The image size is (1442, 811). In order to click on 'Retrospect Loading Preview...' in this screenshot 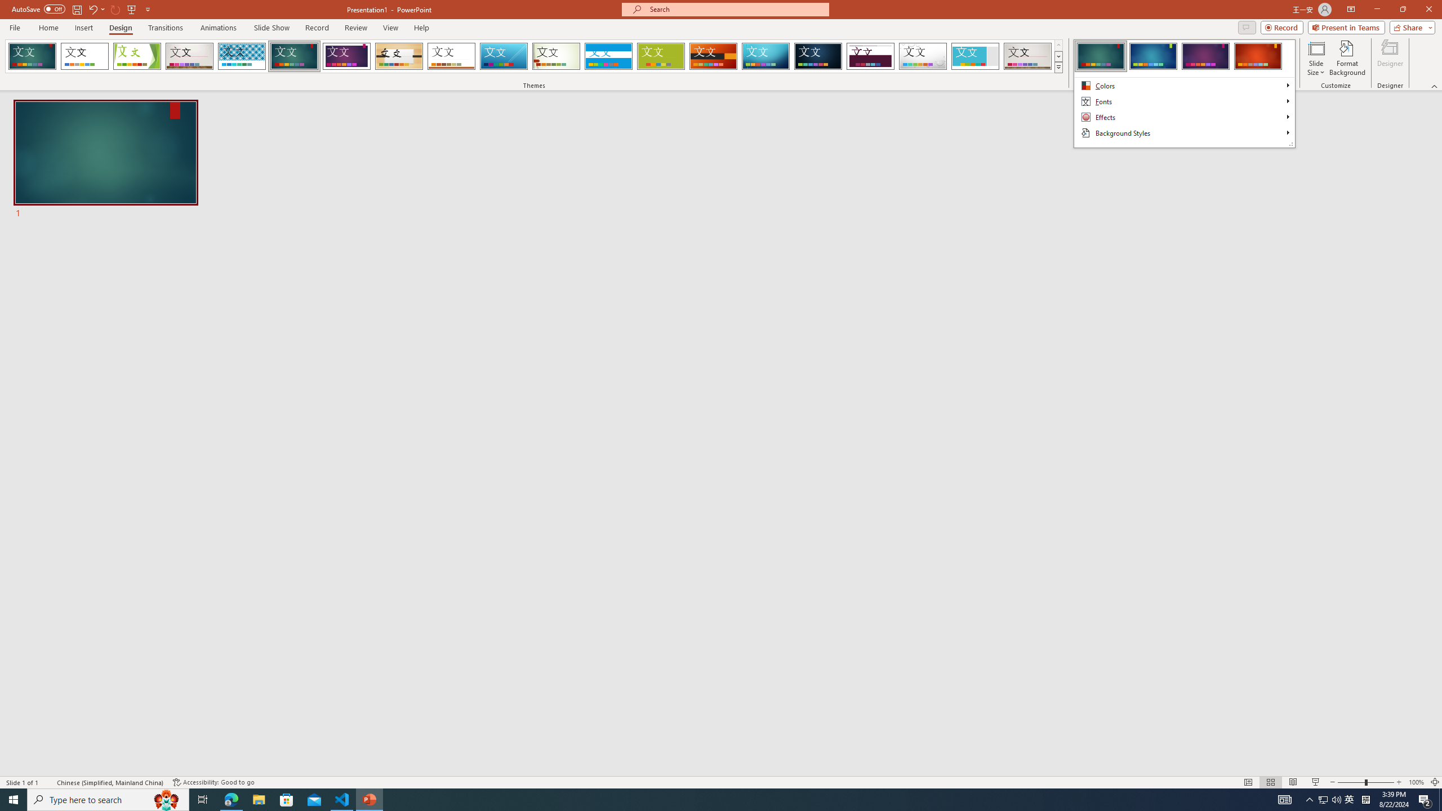, I will do `click(451, 56)`.